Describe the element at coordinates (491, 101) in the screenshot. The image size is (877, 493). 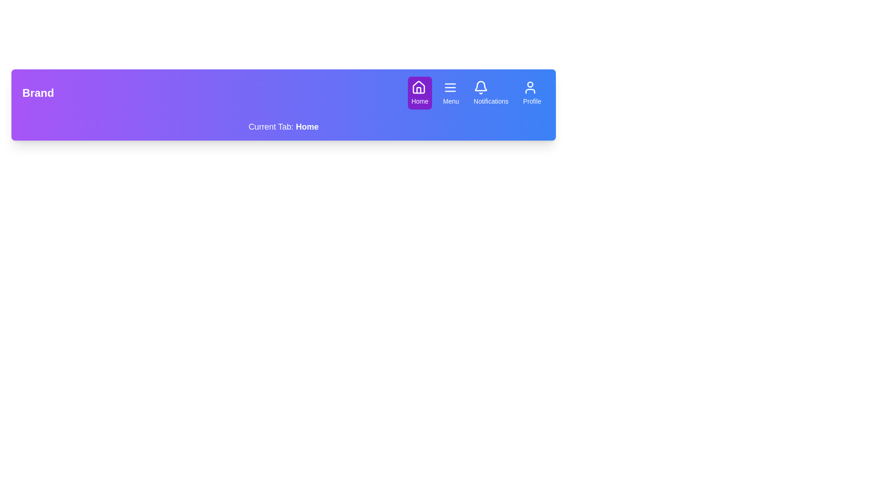
I see `the 'Notifications' text label, which is a blue background label with white text, located in the top navigation bar below the bell icon` at that location.